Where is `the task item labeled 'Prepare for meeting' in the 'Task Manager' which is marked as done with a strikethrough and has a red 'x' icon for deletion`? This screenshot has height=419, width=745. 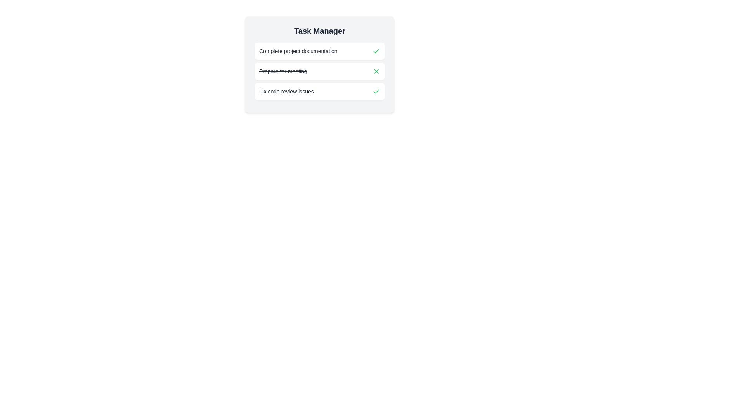
the task item labeled 'Prepare for meeting' in the 'Task Manager' which is marked as done with a strikethrough and has a red 'x' icon for deletion is located at coordinates (320, 64).